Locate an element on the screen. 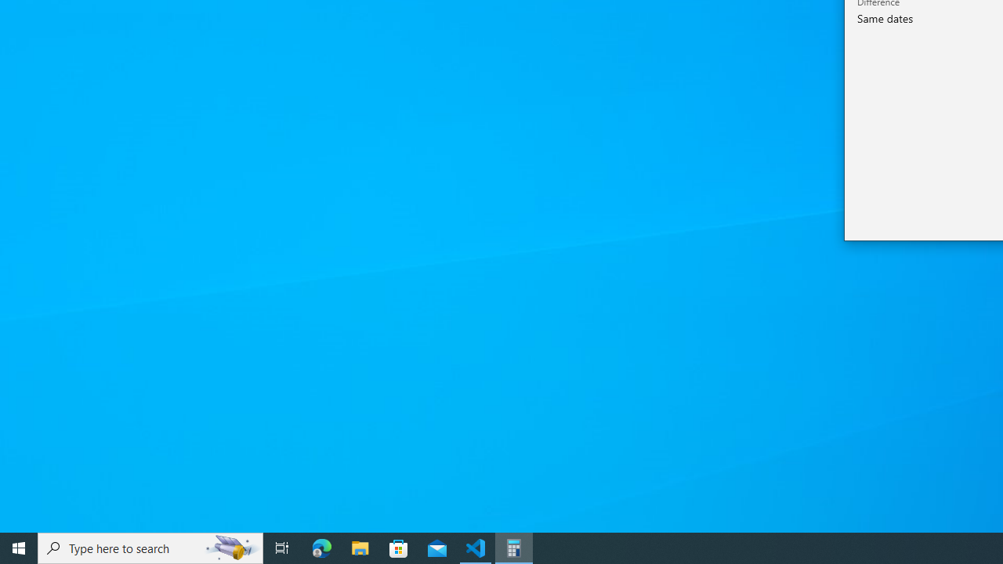  'Visual Studio Code - 1 running window' is located at coordinates (475, 547).